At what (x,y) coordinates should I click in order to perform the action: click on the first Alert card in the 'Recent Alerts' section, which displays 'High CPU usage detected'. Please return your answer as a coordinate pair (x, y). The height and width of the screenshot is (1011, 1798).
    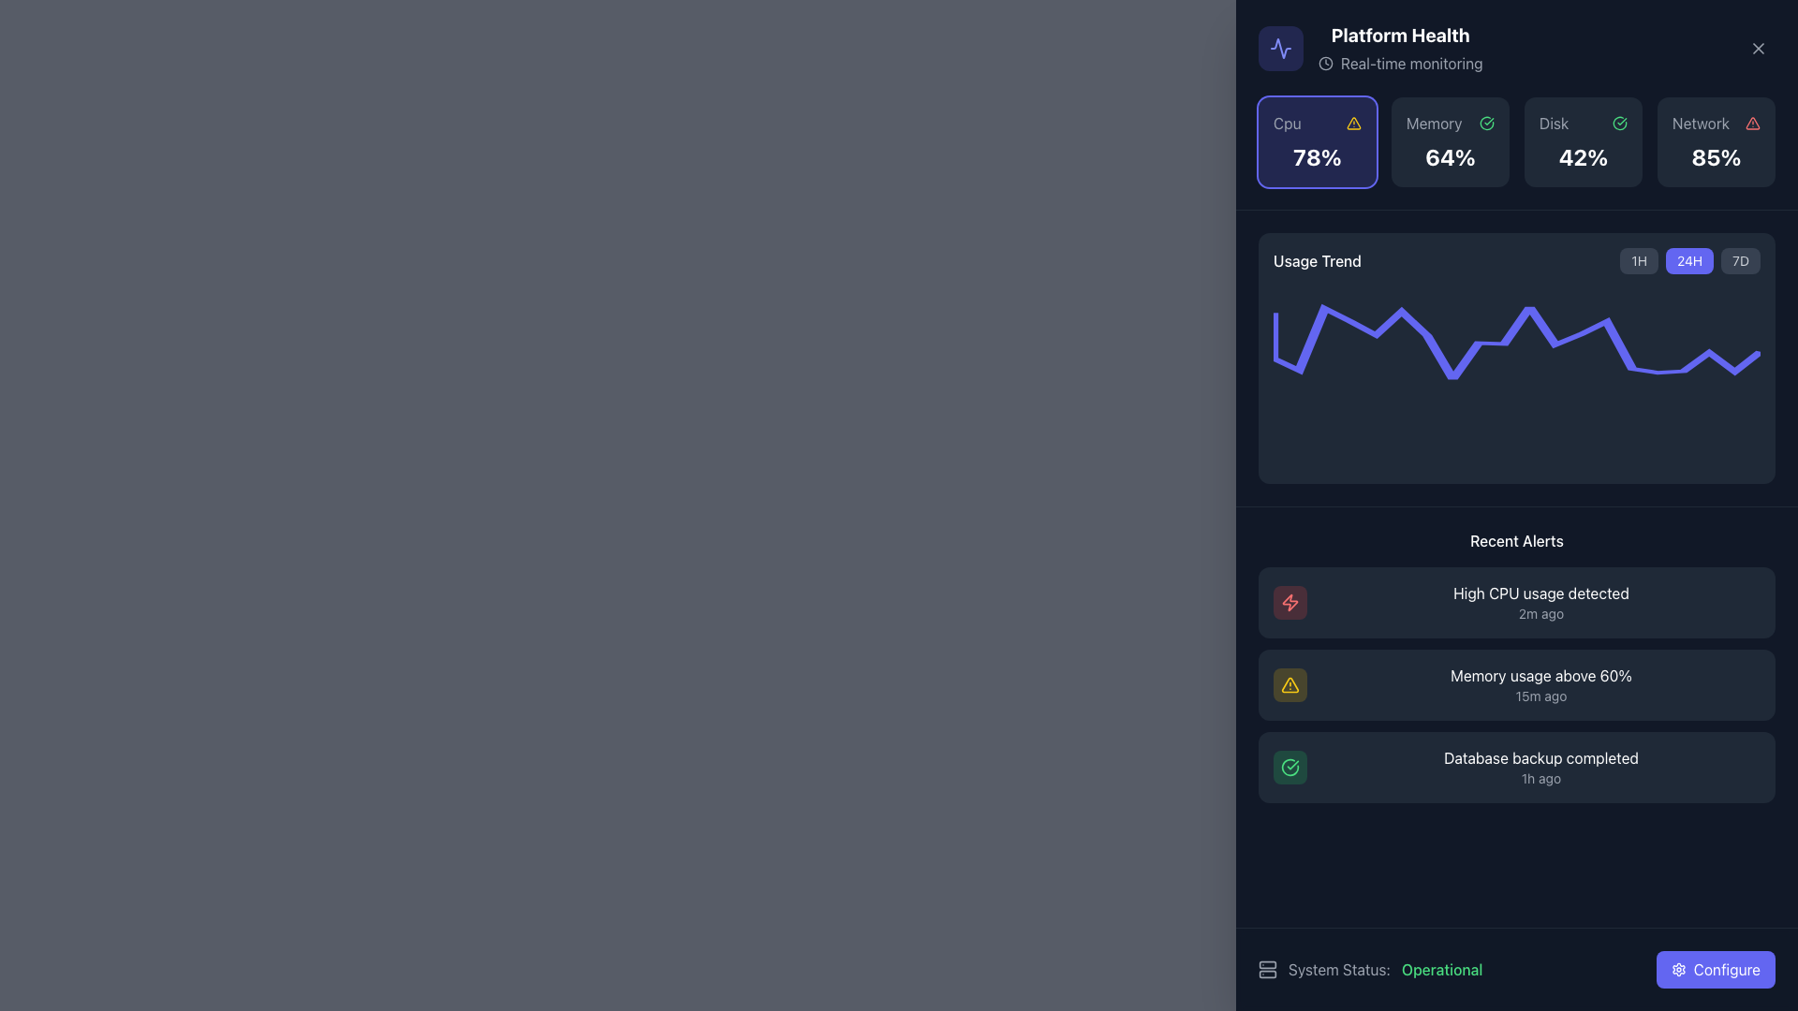
    Looking at the image, I should click on (1541, 603).